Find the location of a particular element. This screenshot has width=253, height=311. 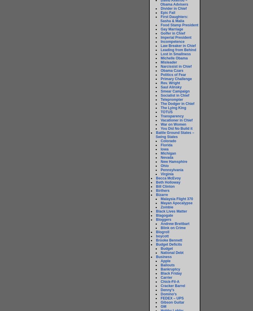

'Politics of Fear' is located at coordinates (161, 74).